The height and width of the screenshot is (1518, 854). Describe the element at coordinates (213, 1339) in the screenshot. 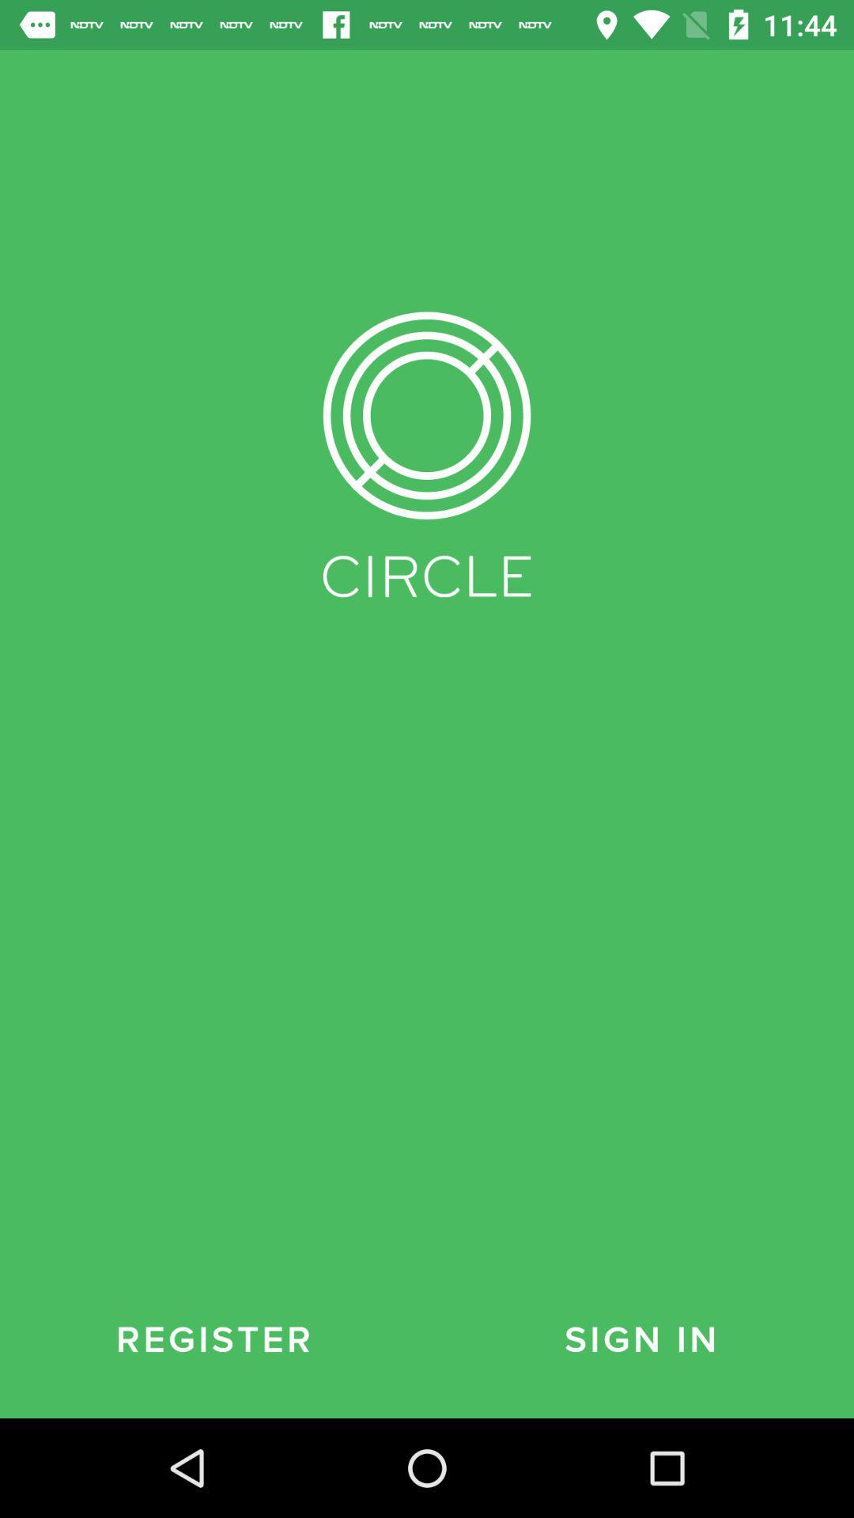

I see `the register` at that location.